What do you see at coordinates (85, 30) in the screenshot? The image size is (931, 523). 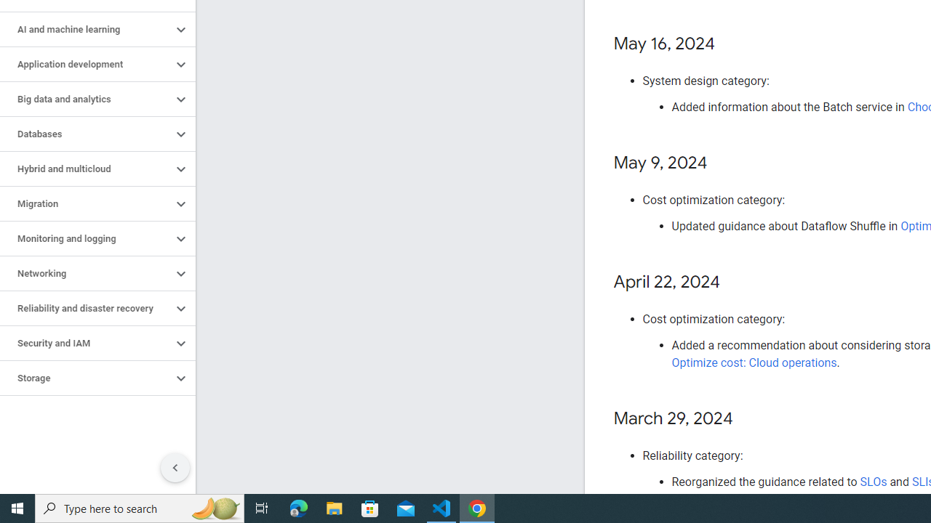 I see `'AI and machine learning'` at bounding box center [85, 30].